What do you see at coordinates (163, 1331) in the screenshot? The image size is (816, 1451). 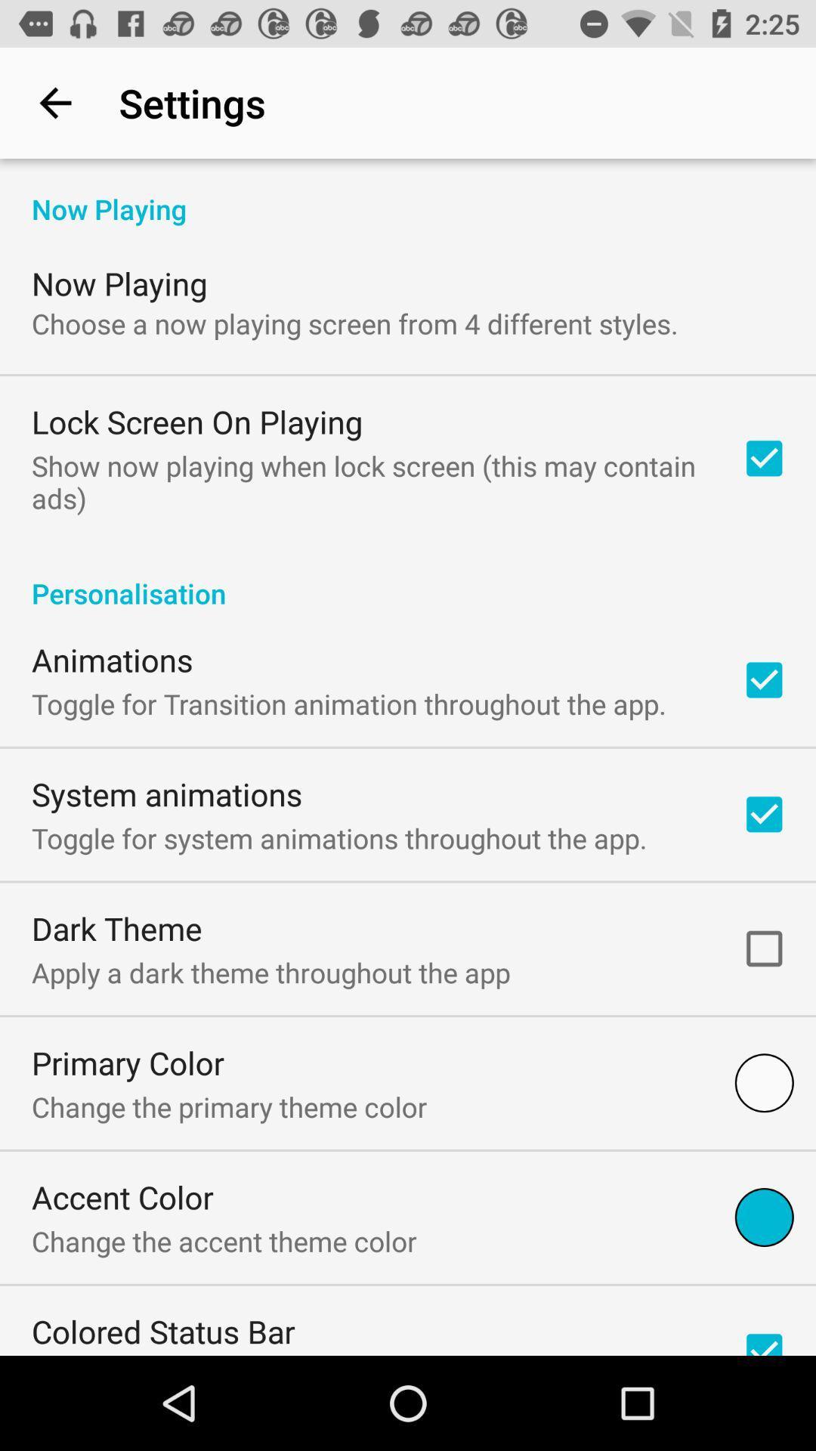 I see `icon below the change the accent` at bounding box center [163, 1331].